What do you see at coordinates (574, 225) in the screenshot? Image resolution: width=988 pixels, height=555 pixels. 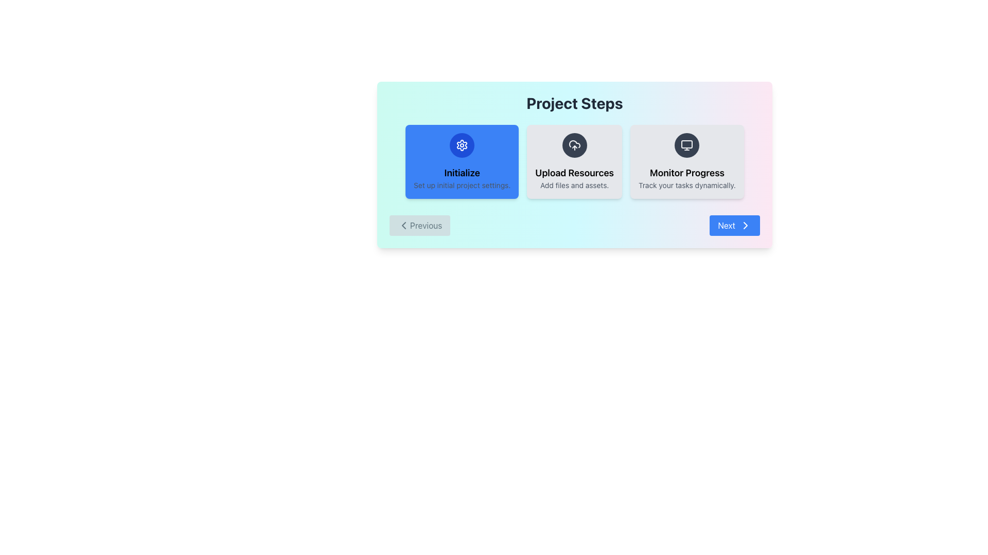 I see `the 'Project Steps' navigation bar located at the bottom of the card, which contains 'Previous' and 'Next' buttons` at bounding box center [574, 225].